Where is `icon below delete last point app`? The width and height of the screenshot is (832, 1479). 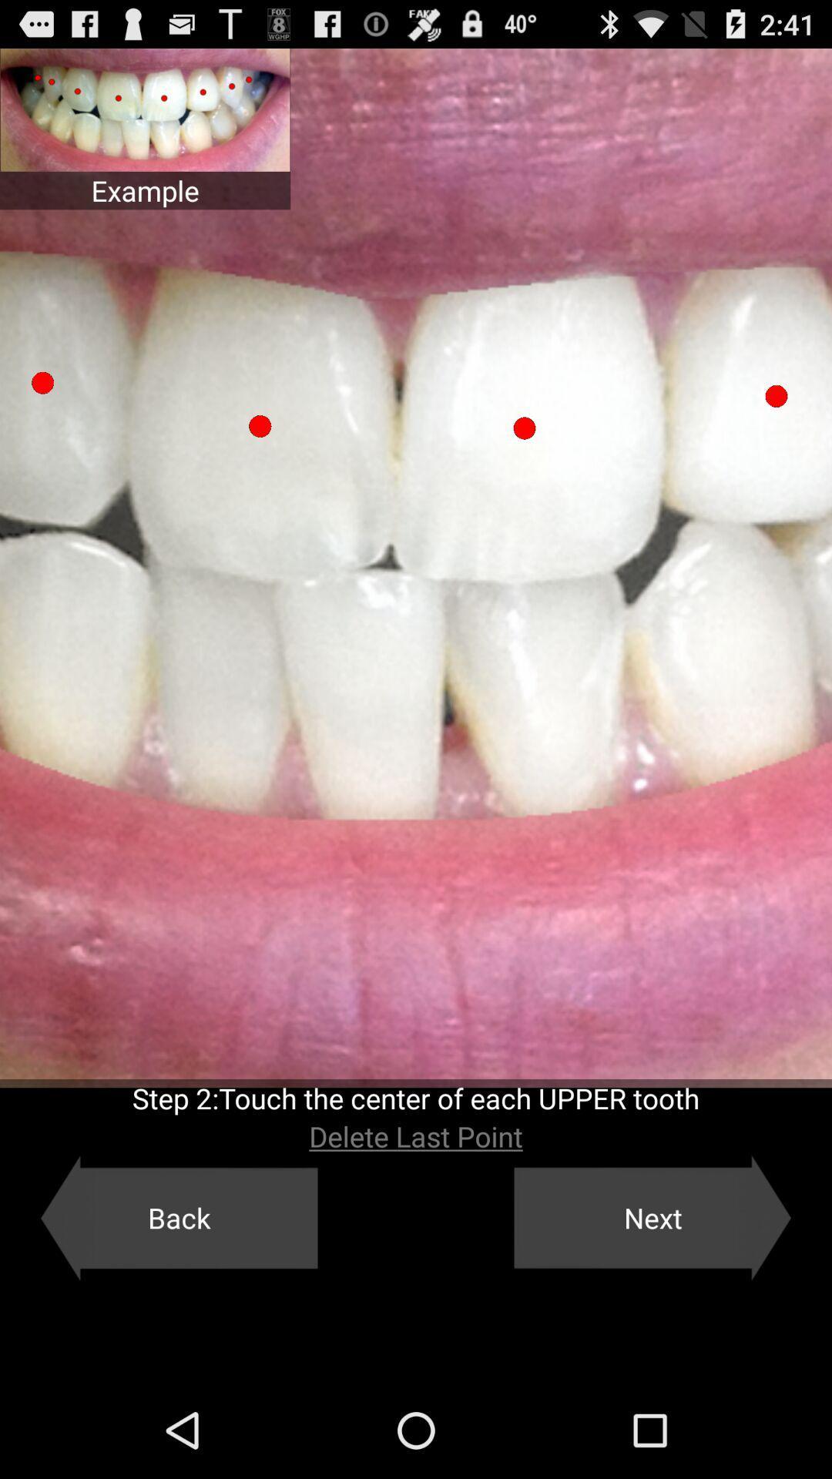
icon below delete last point app is located at coordinates (653, 1217).